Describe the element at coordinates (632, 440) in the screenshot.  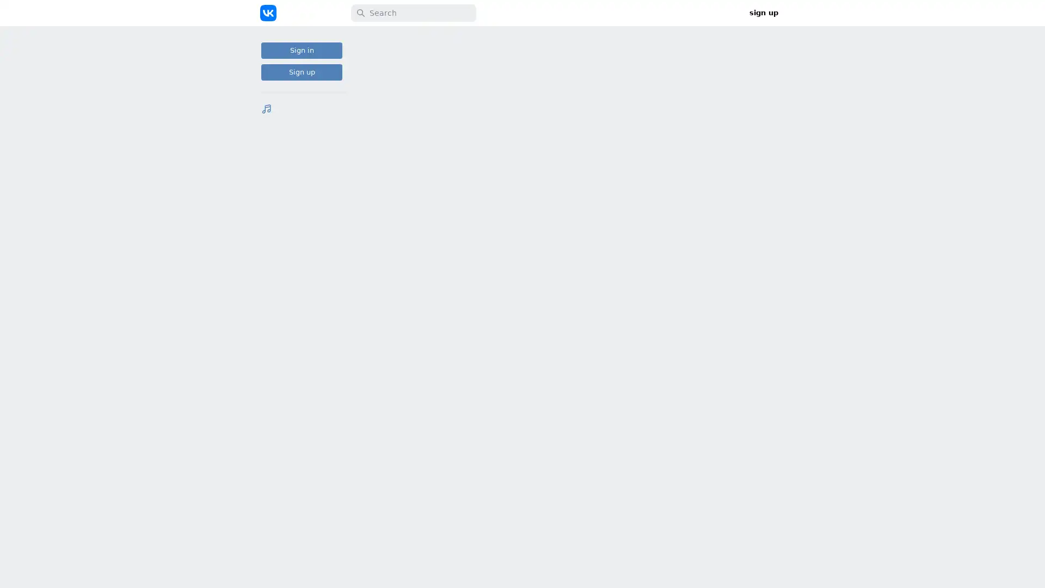
I see `Actions` at that location.